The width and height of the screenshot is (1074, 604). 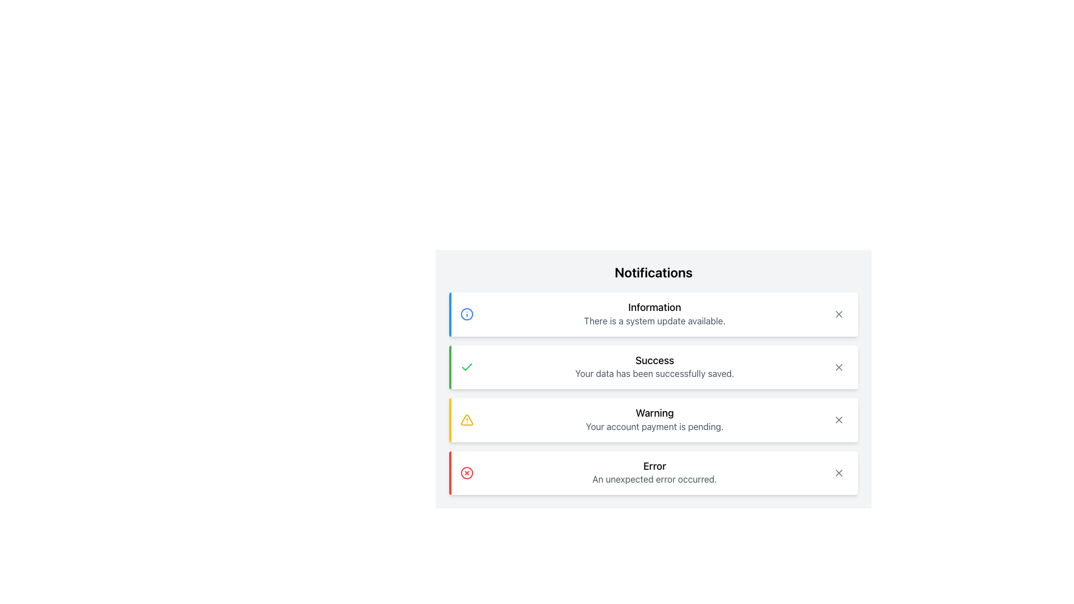 What do you see at coordinates (467, 314) in the screenshot?
I see `the circular icon with a blue outline and white fill, which is the first item in the notification section accompanying the 'Information' message` at bounding box center [467, 314].